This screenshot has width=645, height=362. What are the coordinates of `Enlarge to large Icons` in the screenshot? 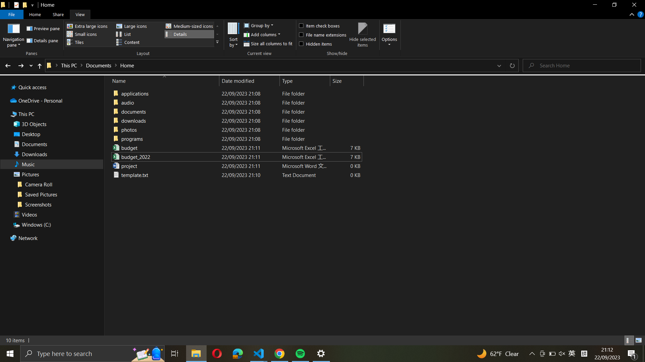 It's located at (137, 26).